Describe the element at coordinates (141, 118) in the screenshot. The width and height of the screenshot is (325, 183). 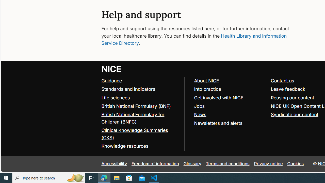
I see `'British National Formulary for Children (BNFC)'` at that location.